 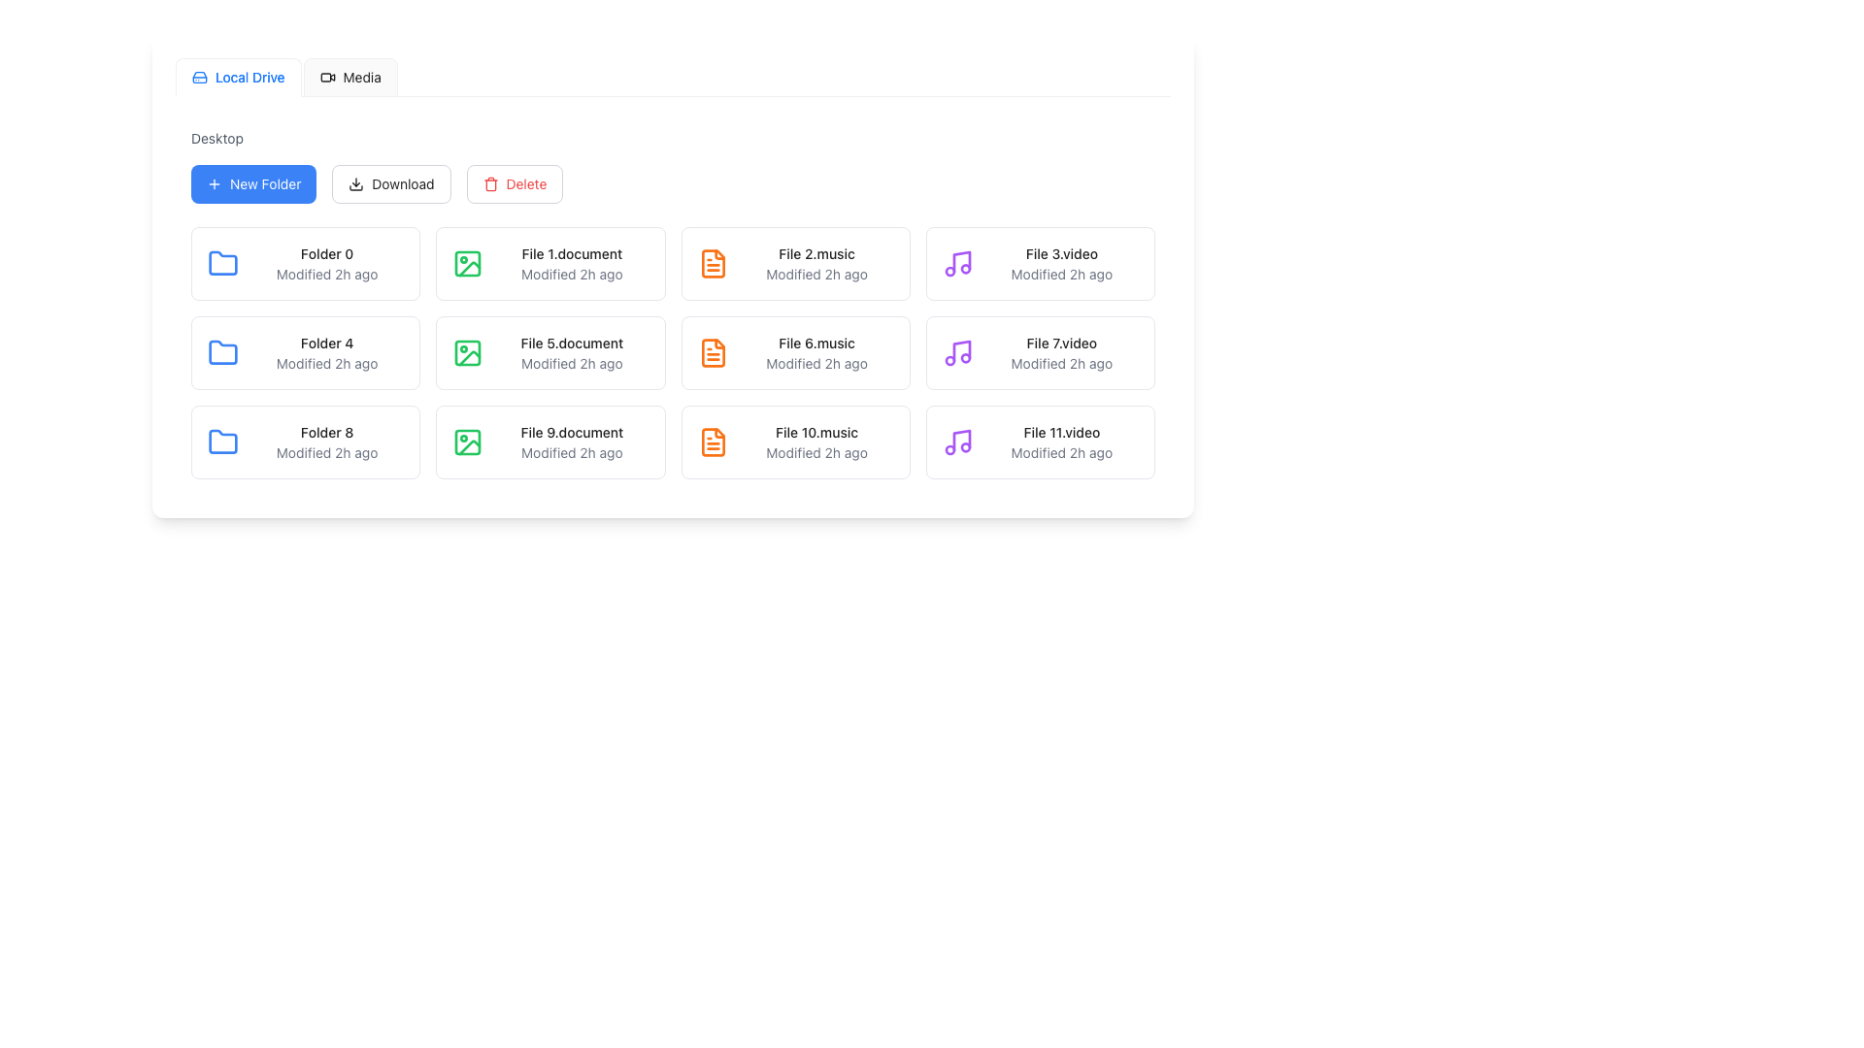 I want to click on the 'New Folder' button, which is a rectangular button with a blue background and white text, located at the top of the 'Desktop' section, so click(x=252, y=183).